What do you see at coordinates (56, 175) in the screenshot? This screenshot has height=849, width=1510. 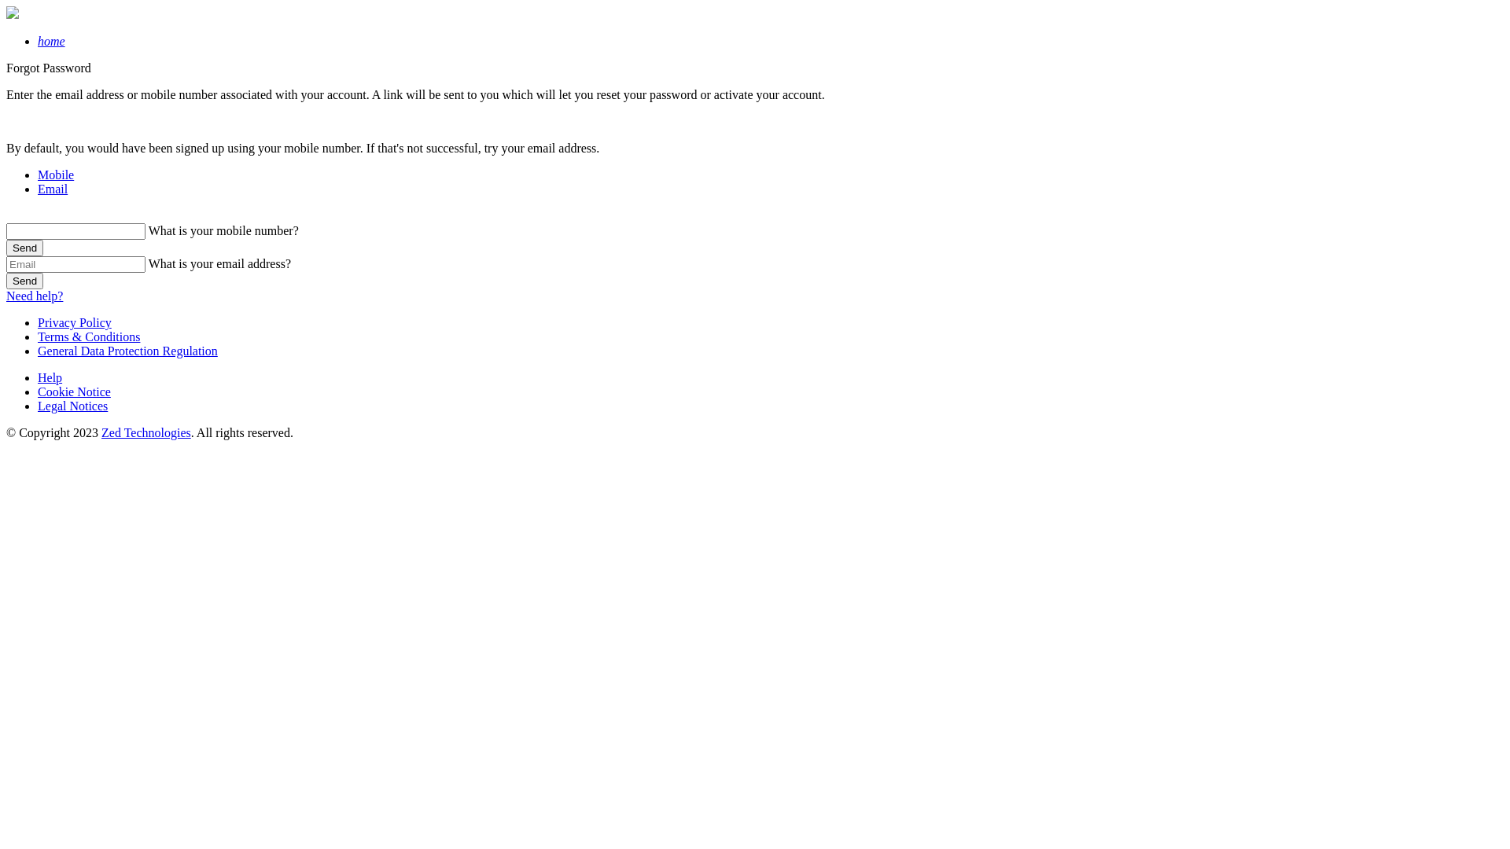 I see `'Mobile'` at bounding box center [56, 175].